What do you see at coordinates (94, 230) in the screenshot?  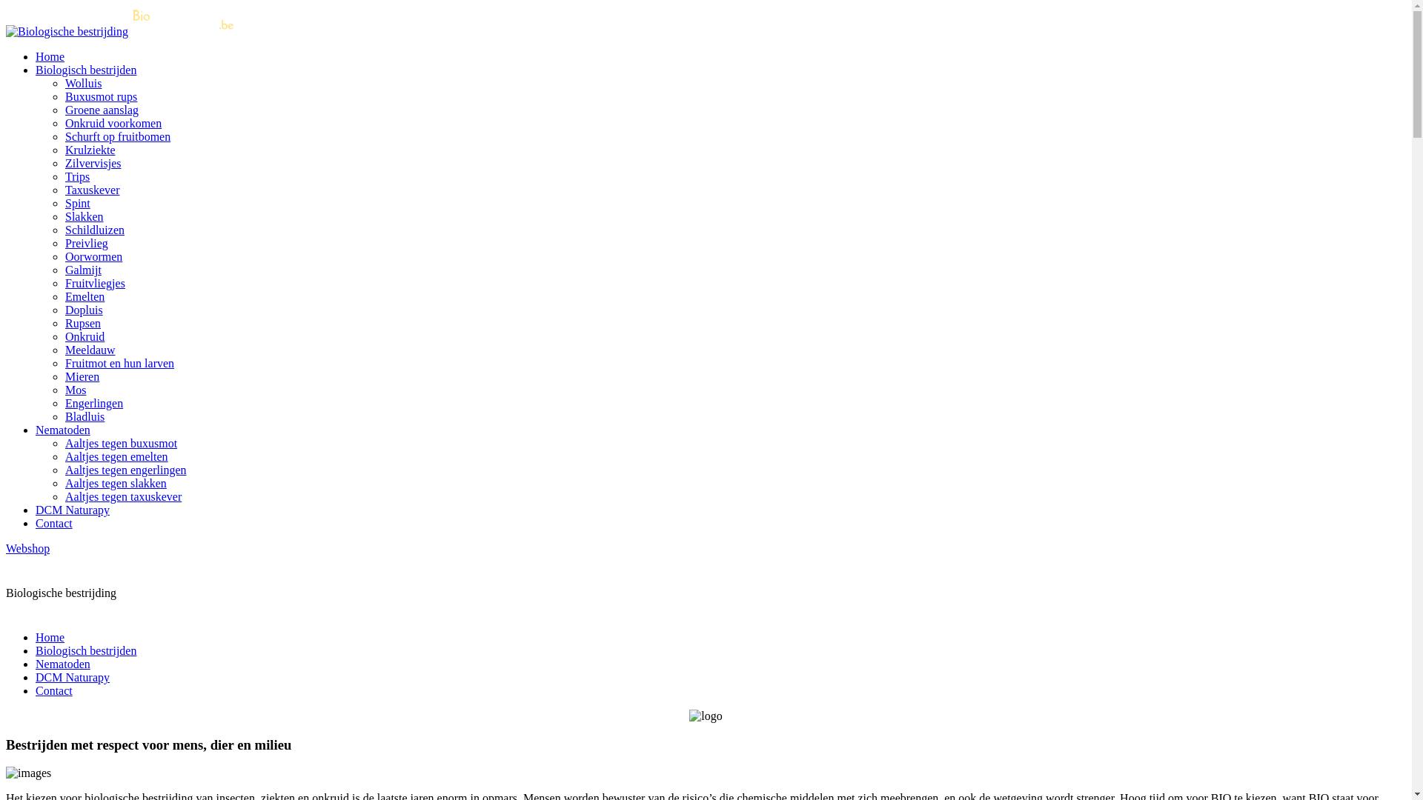 I see `'Schildluizen'` at bounding box center [94, 230].